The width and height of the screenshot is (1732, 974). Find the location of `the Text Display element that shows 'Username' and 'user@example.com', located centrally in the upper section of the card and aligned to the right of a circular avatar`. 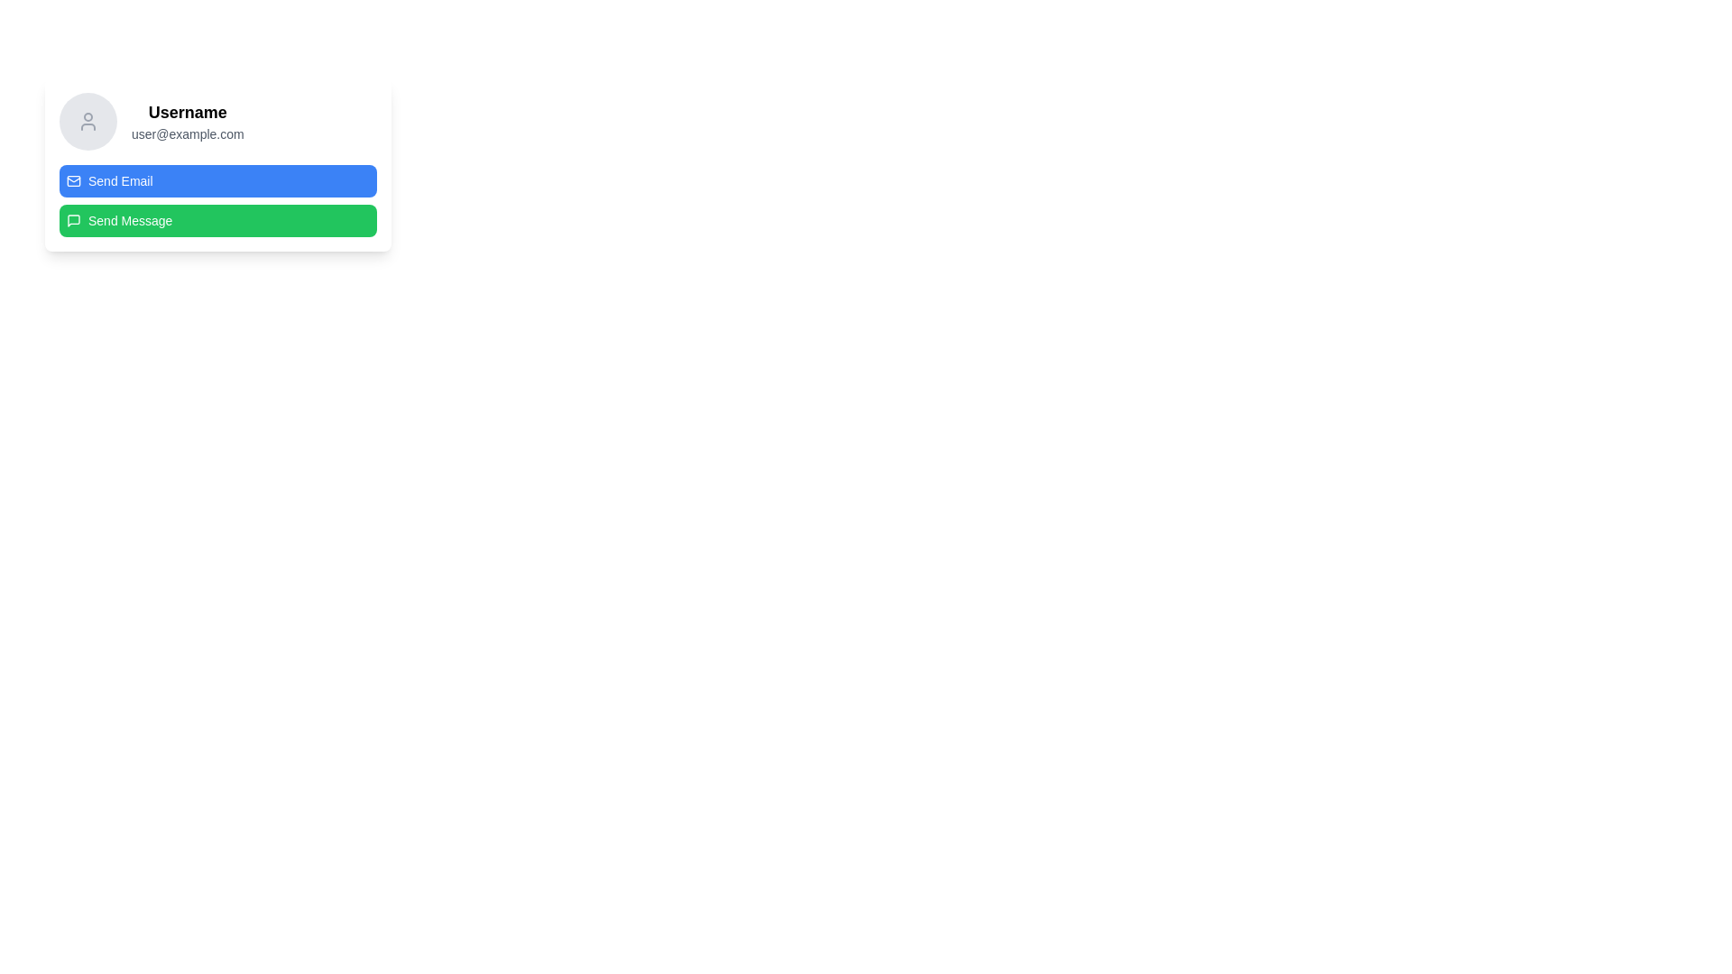

the Text Display element that shows 'Username' and 'user@example.com', located centrally in the upper section of the card and aligned to the right of a circular avatar is located at coordinates (188, 122).